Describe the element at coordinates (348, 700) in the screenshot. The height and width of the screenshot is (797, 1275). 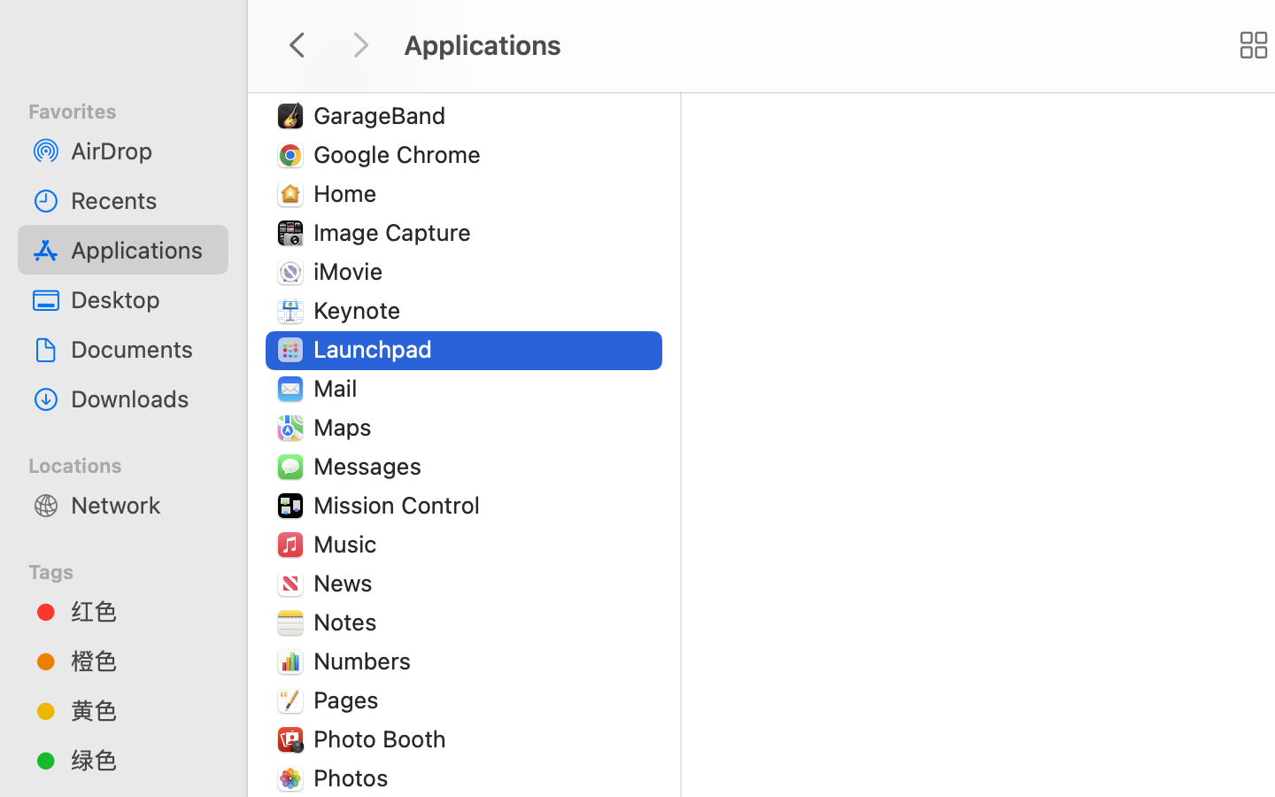
I see `'Pages'` at that location.